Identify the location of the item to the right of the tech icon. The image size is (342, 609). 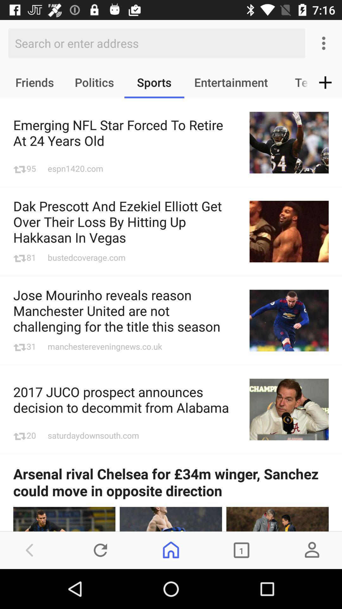
(325, 82).